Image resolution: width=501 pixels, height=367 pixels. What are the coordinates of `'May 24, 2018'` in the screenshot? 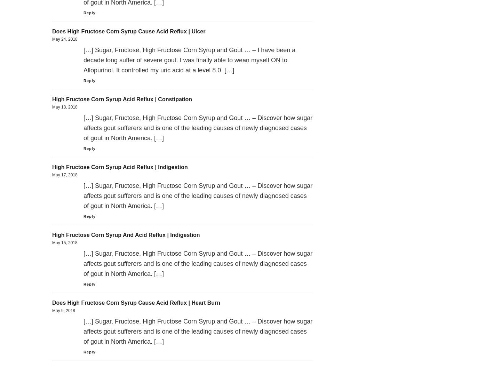 It's located at (52, 39).